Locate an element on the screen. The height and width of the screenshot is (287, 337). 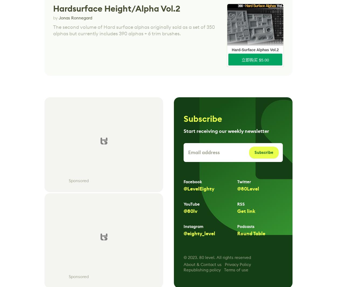
'Round Table' is located at coordinates (251, 234).